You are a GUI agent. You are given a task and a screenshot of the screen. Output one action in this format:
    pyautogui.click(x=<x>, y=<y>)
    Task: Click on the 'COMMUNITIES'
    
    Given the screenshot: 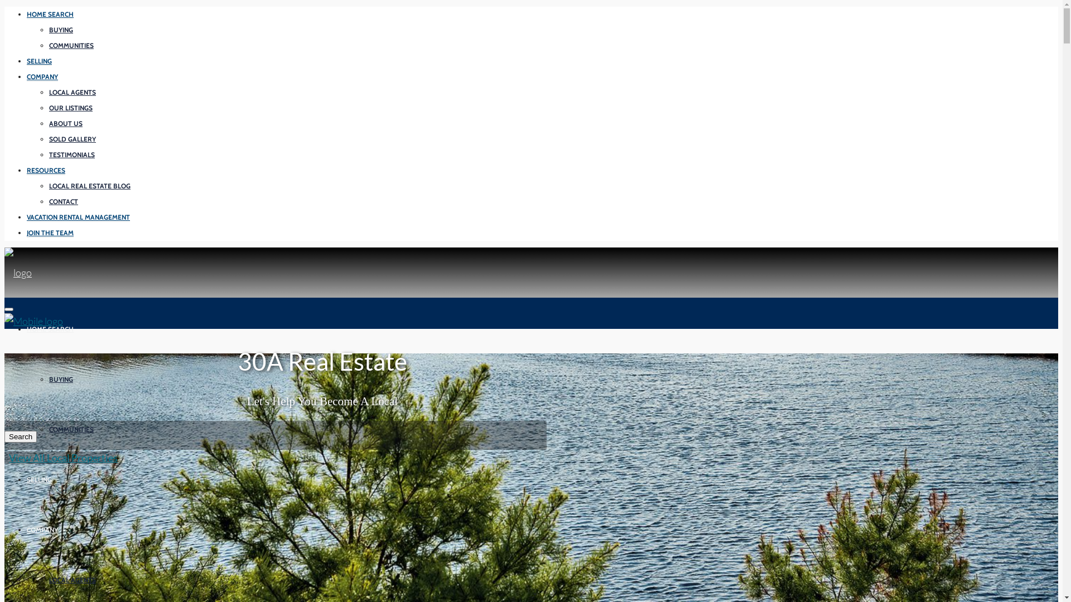 What is the action you would take?
    pyautogui.click(x=71, y=45)
    